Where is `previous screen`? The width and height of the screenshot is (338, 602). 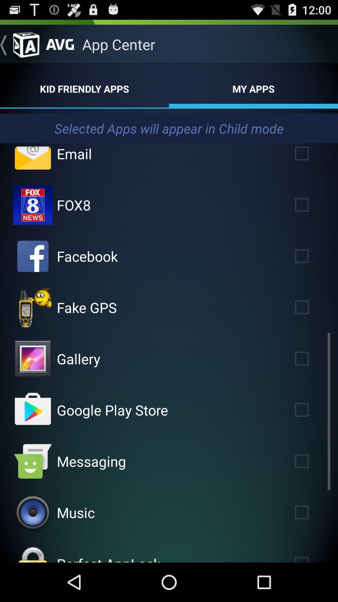 previous screen is located at coordinates (19, 44).